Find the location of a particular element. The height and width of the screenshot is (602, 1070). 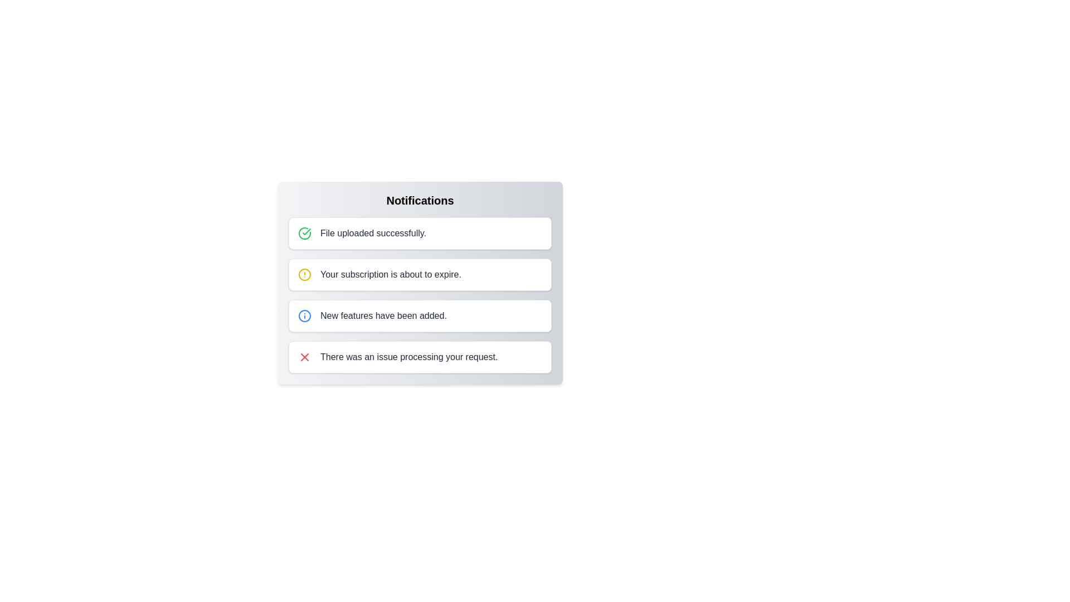

the Notification Card, which is the last notification in a vertical list of four notifications, displaying an error message without interactive functionality is located at coordinates (419, 357).